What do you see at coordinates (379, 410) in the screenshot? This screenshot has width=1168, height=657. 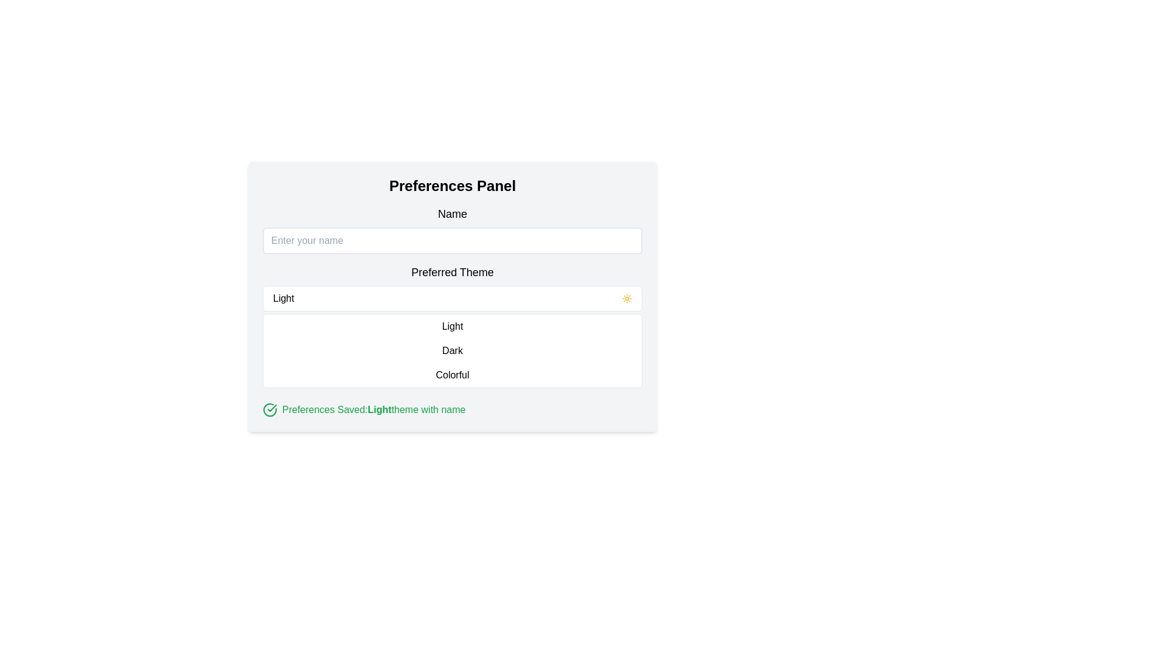 I see `the text label displaying 'Light' in green font, which is part of the success message 'Preferences Saved: Light theme with name' in the lower section of the Preferences Panel` at bounding box center [379, 410].